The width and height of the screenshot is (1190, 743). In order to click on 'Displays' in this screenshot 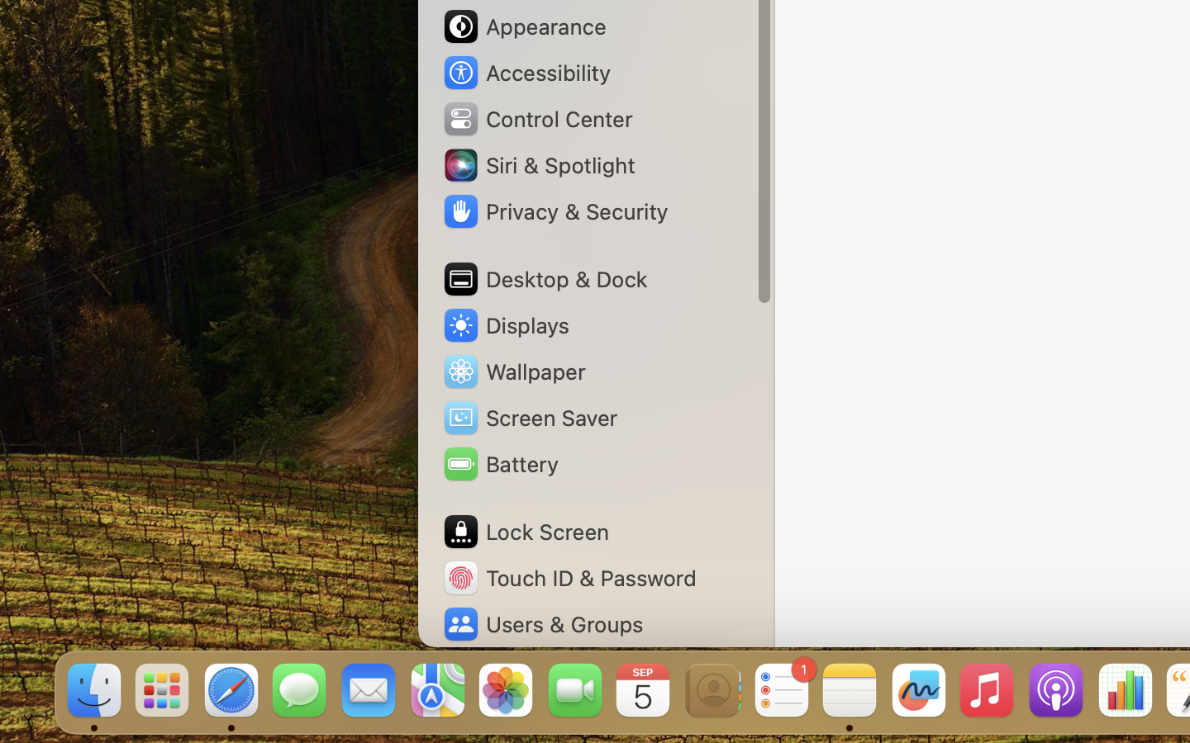, I will do `click(505, 325)`.